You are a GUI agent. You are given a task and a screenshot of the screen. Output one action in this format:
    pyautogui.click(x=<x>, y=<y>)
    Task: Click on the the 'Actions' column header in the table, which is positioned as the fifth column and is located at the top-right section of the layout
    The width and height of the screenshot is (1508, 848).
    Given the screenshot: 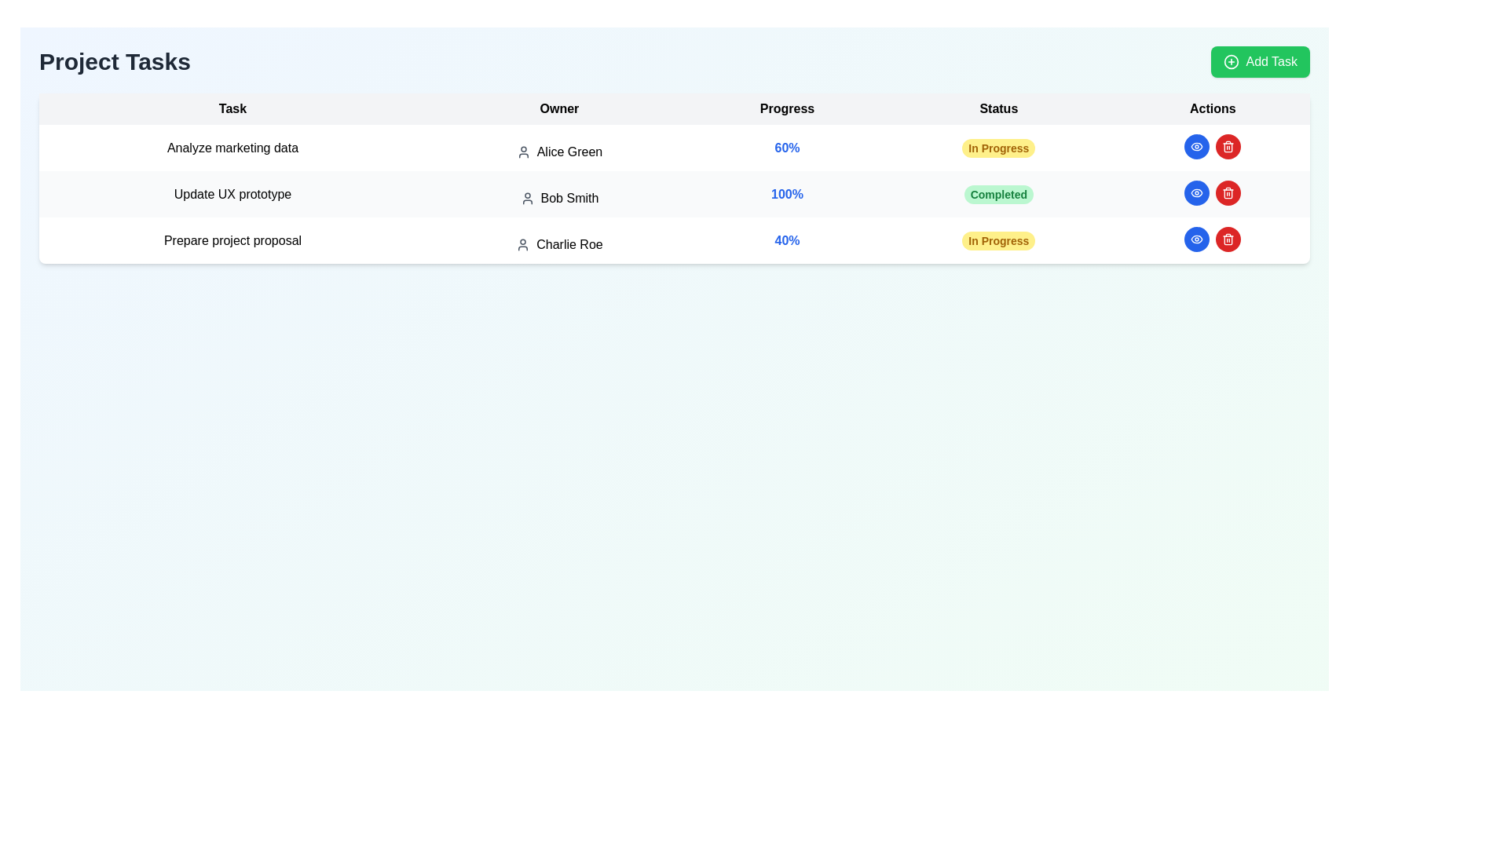 What is the action you would take?
    pyautogui.click(x=1212, y=108)
    